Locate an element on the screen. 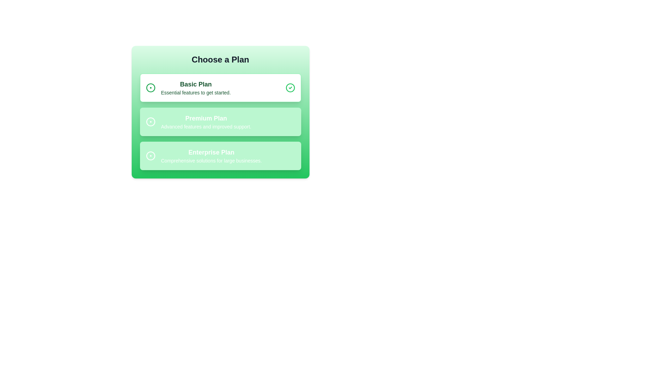  the 'Basic Plan' text label, which provides the name and description of the first selectable plan option beneath the heading 'Choose a Plan' is located at coordinates (195, 87).